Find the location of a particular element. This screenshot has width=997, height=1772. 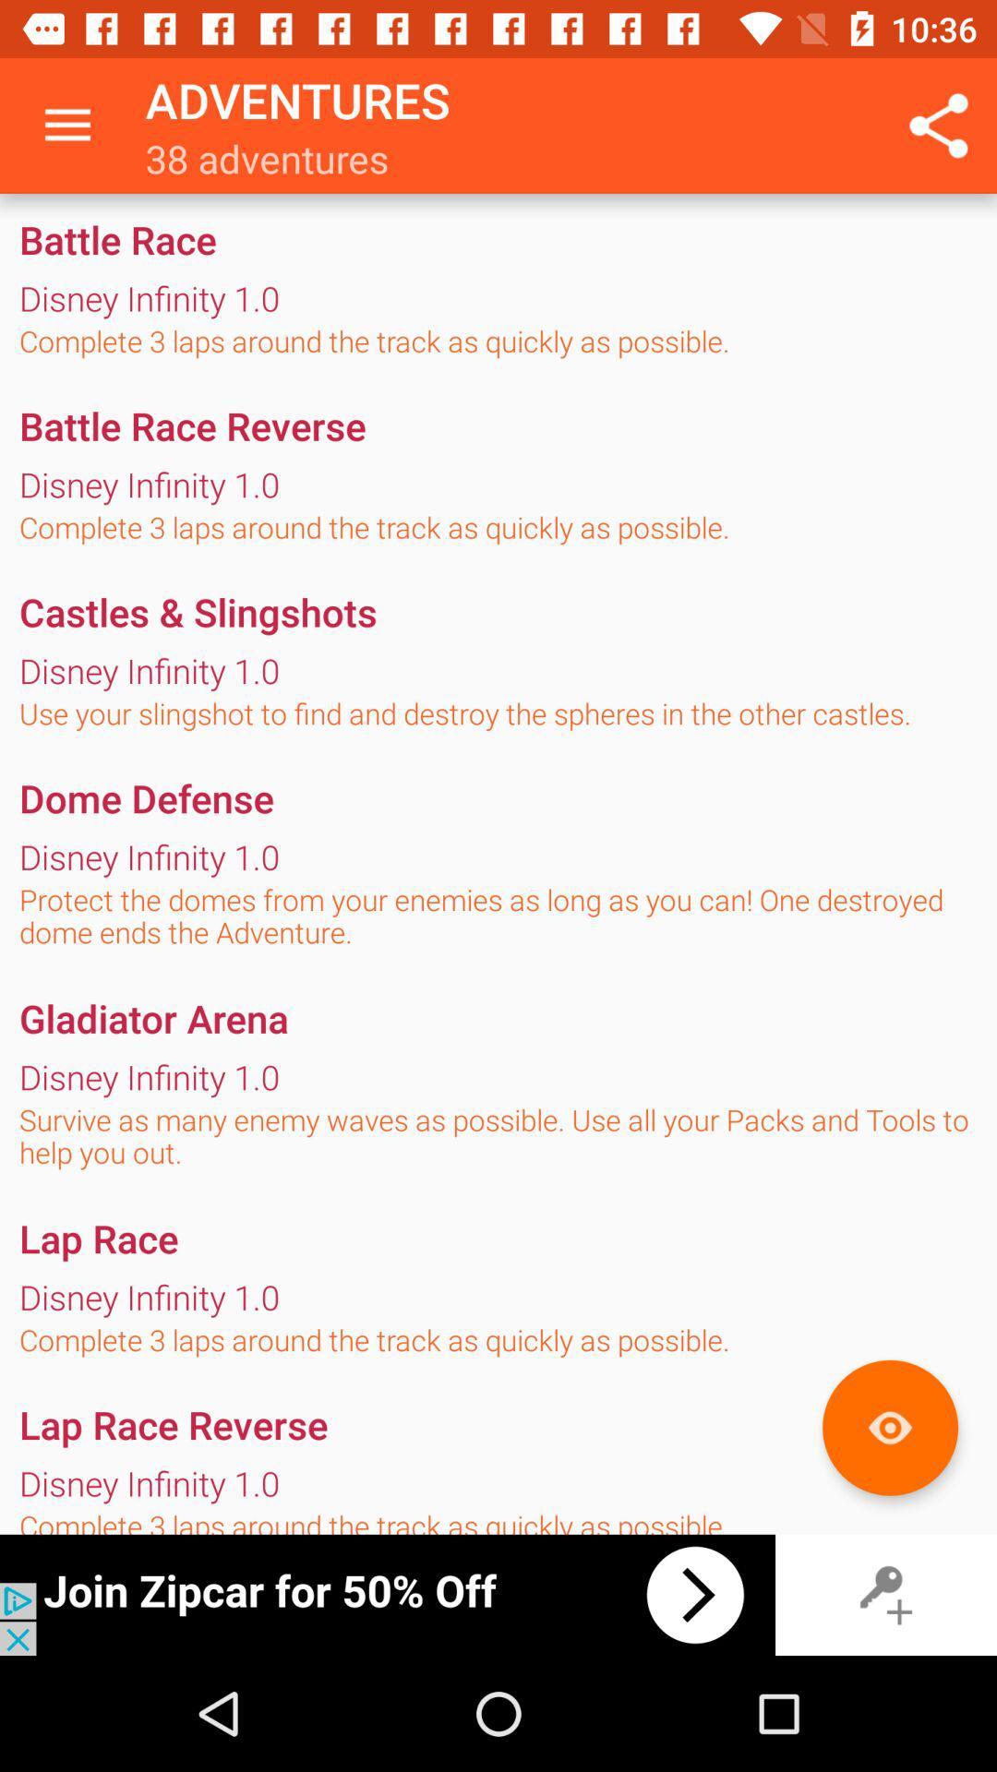

the visibility icon is located at coordinates (889, 1427).